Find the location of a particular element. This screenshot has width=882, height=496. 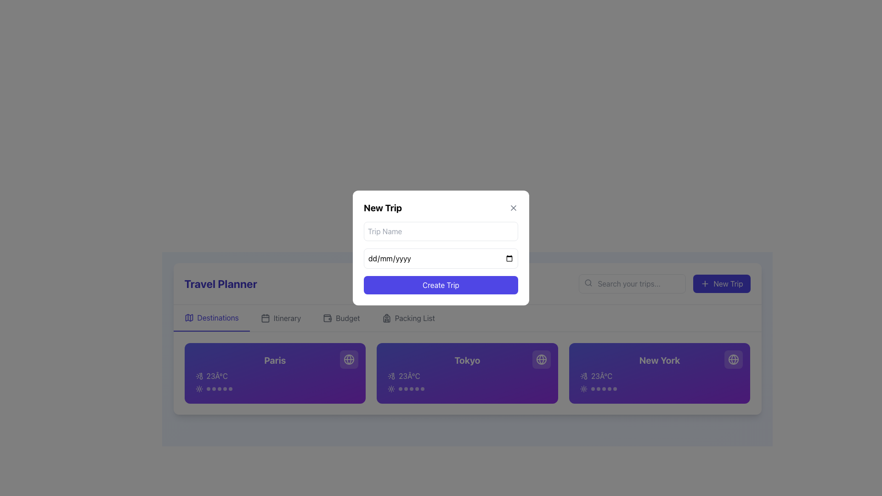

the SVG circle element that is part of the globe icon located in the top-right corner of the 'Paris' card is located at coordinates (349, 359).